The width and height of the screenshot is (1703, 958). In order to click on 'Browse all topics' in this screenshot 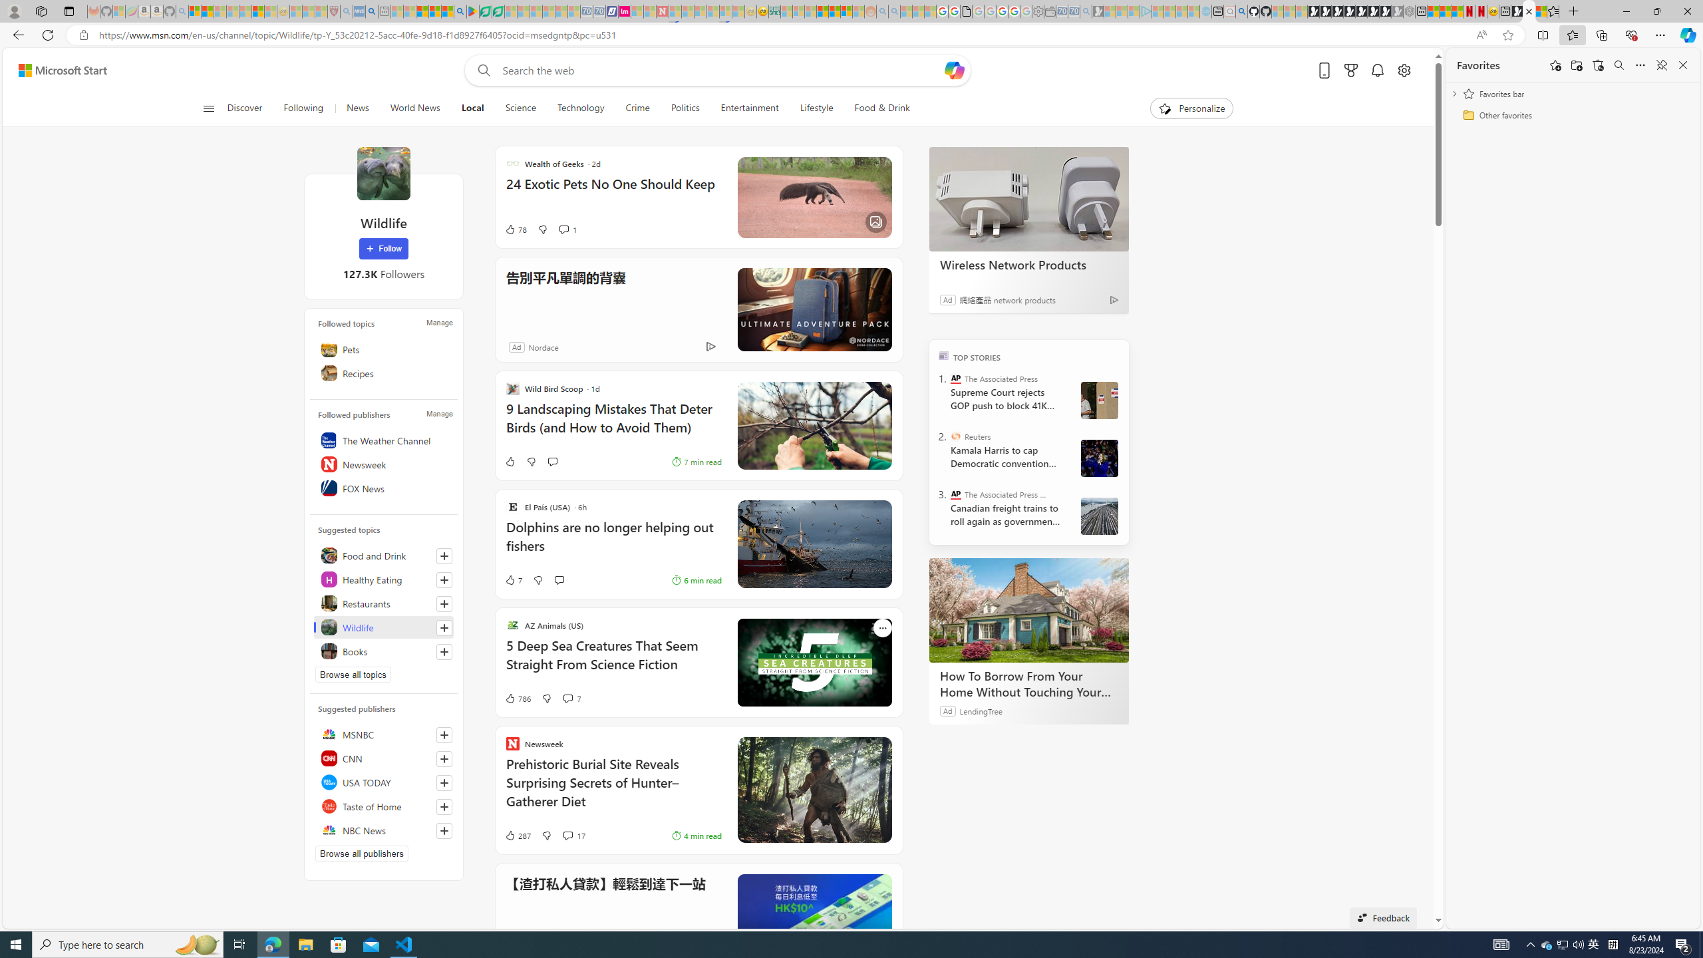, I will do `click(353, 673)`.